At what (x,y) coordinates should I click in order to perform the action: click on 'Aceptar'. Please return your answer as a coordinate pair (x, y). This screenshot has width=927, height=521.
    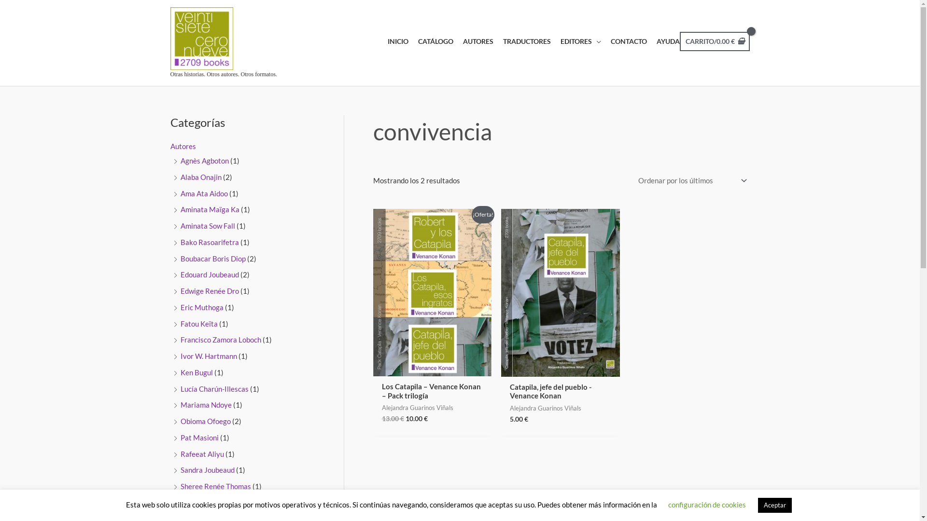
    Looking at the image, I should click on (774, 505).